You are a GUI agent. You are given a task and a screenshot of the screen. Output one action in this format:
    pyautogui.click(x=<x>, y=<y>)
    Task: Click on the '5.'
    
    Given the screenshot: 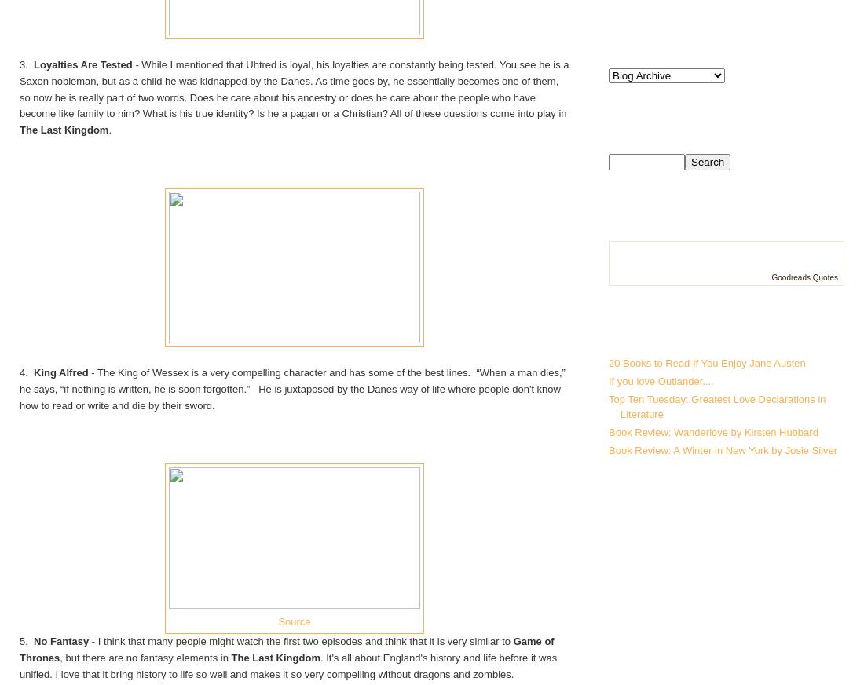 What is the action you would take?
    pyautogui.click(x=18, y=641)
    